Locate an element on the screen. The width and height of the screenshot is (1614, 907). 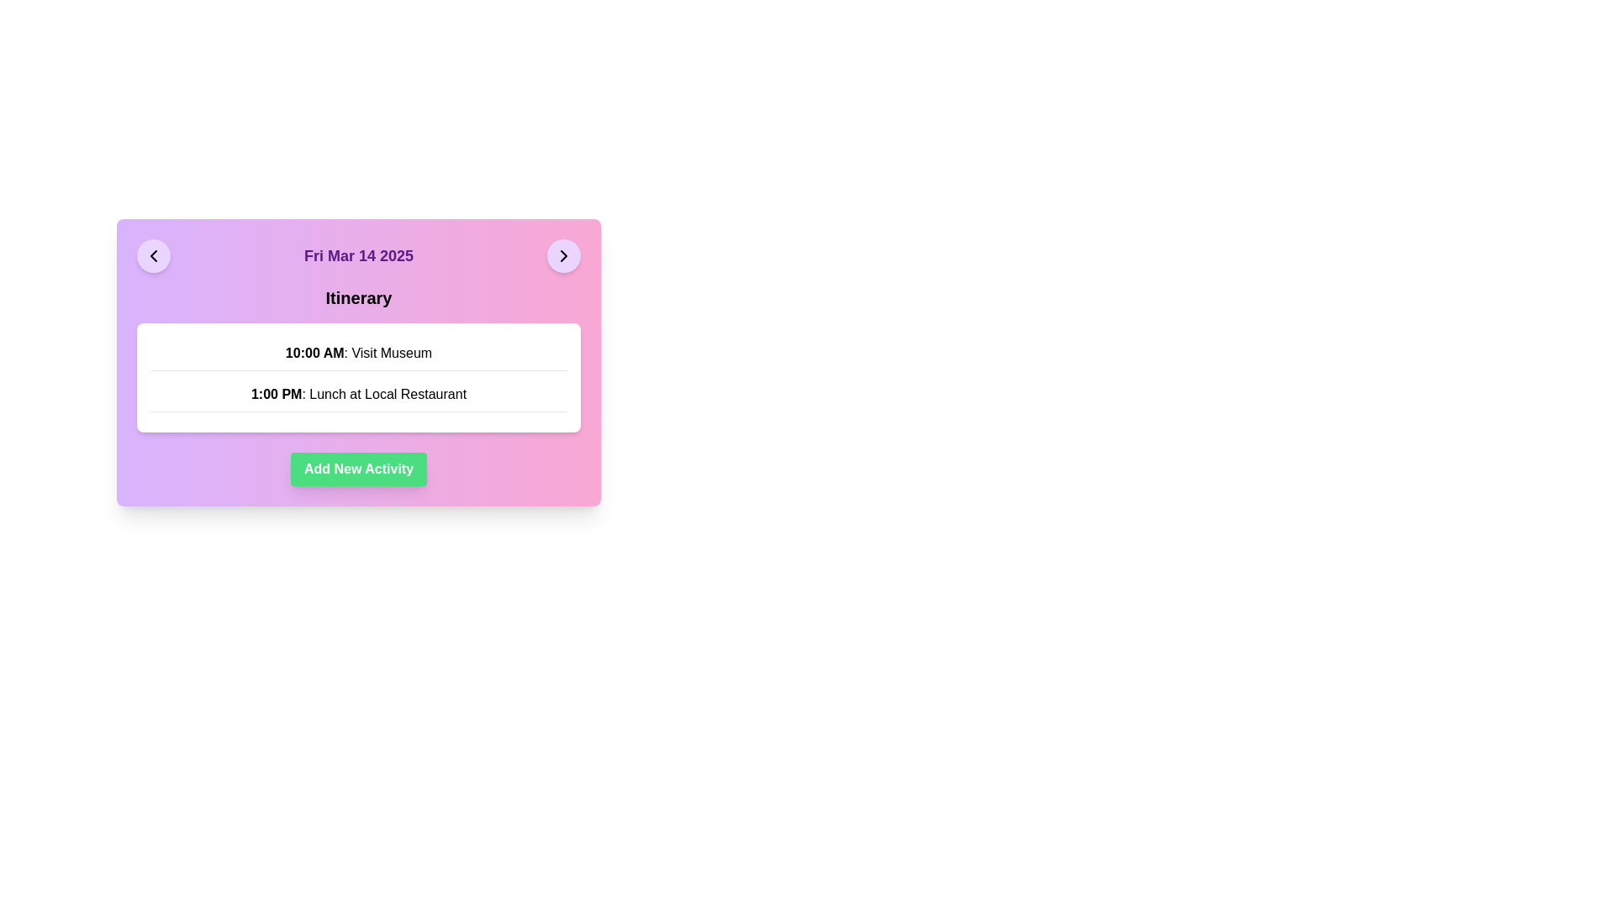
the informational text block displaying '1:00 PM: Lunch at Local Restaurant' which is the second item in the vertically stacked list within the 'Itinerary' card is located at coordinates (358, 395).